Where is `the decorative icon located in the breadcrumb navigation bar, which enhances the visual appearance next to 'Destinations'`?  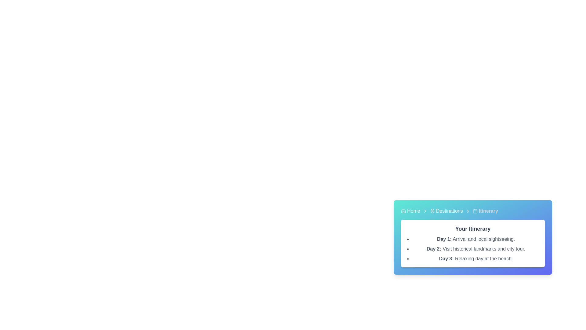 the decorative icon located in the breadcrumb navigation bar, which enhances the visual appearance next to 'Destinations' is located at coordinates (432, 211).